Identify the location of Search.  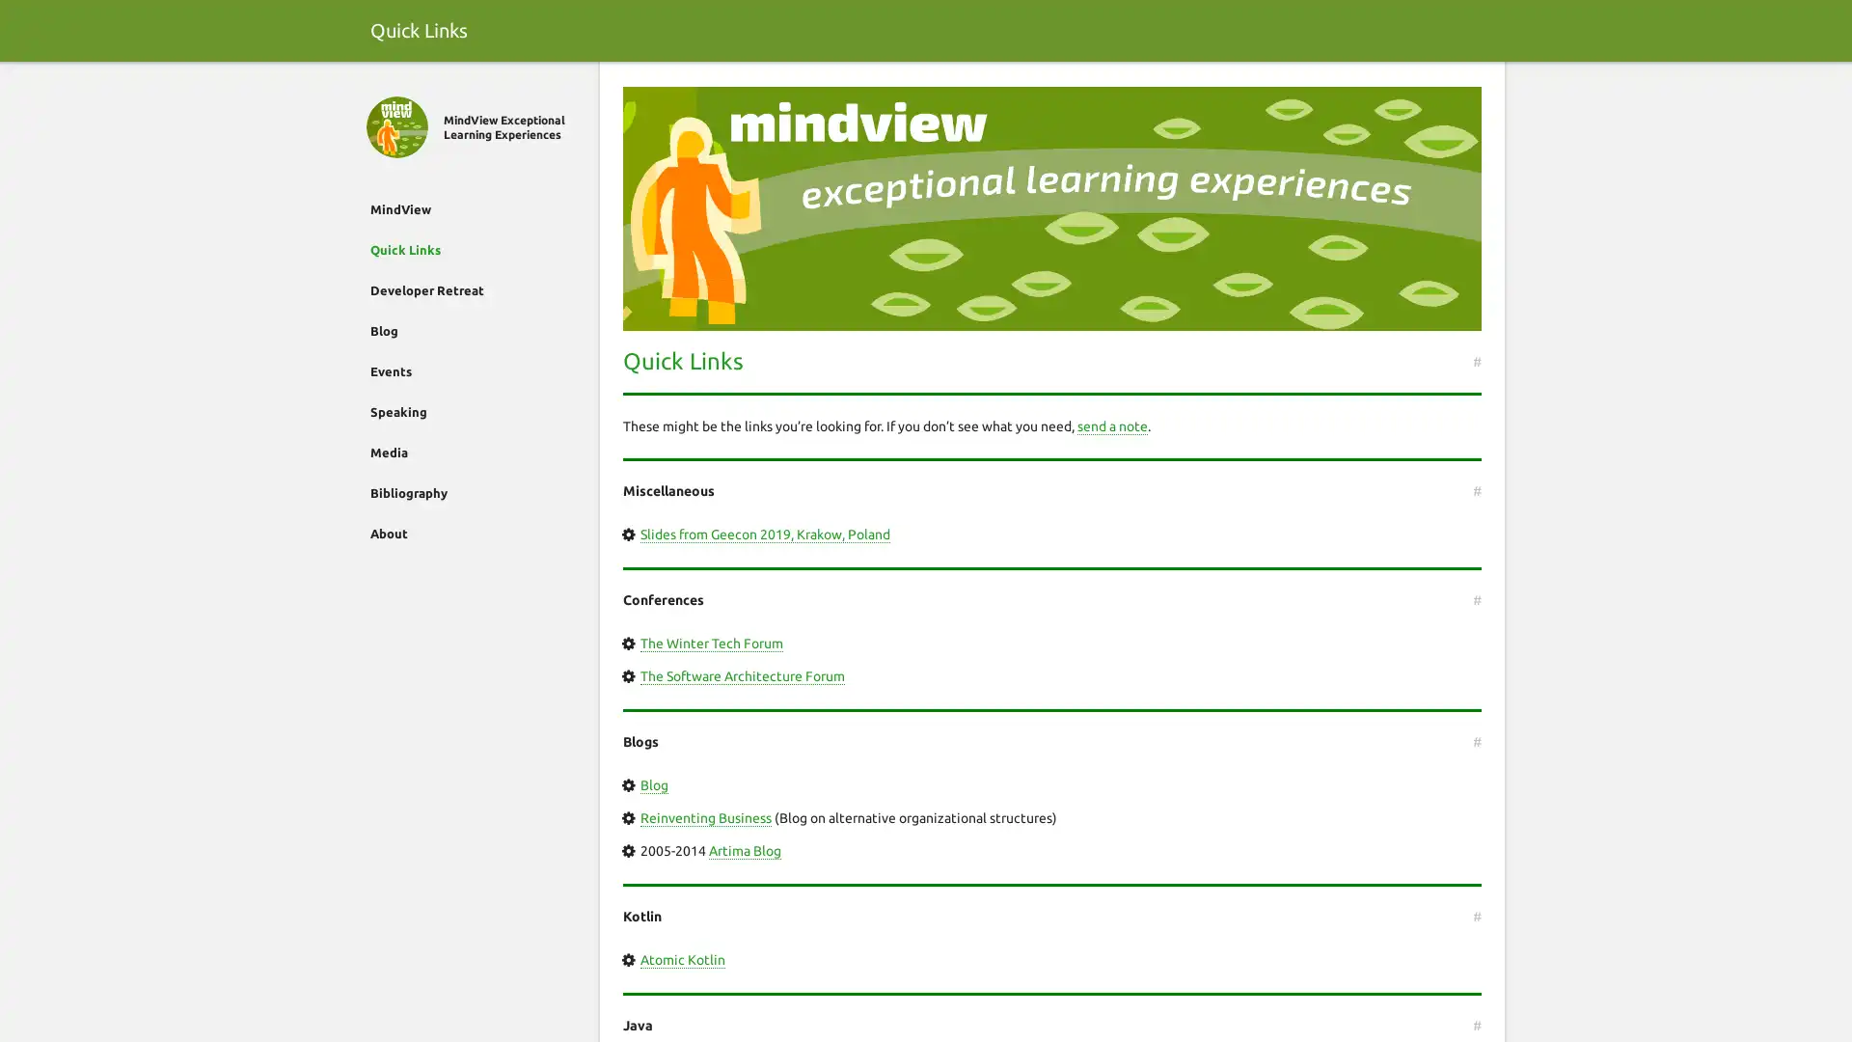
(1472, 84).